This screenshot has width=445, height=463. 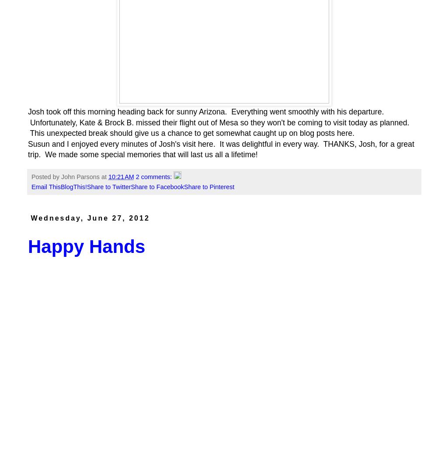 What do you see at coordinates (108, 187) in the screenshot?
I see `'Share to Twitter'` at bounding box center [108, 187].